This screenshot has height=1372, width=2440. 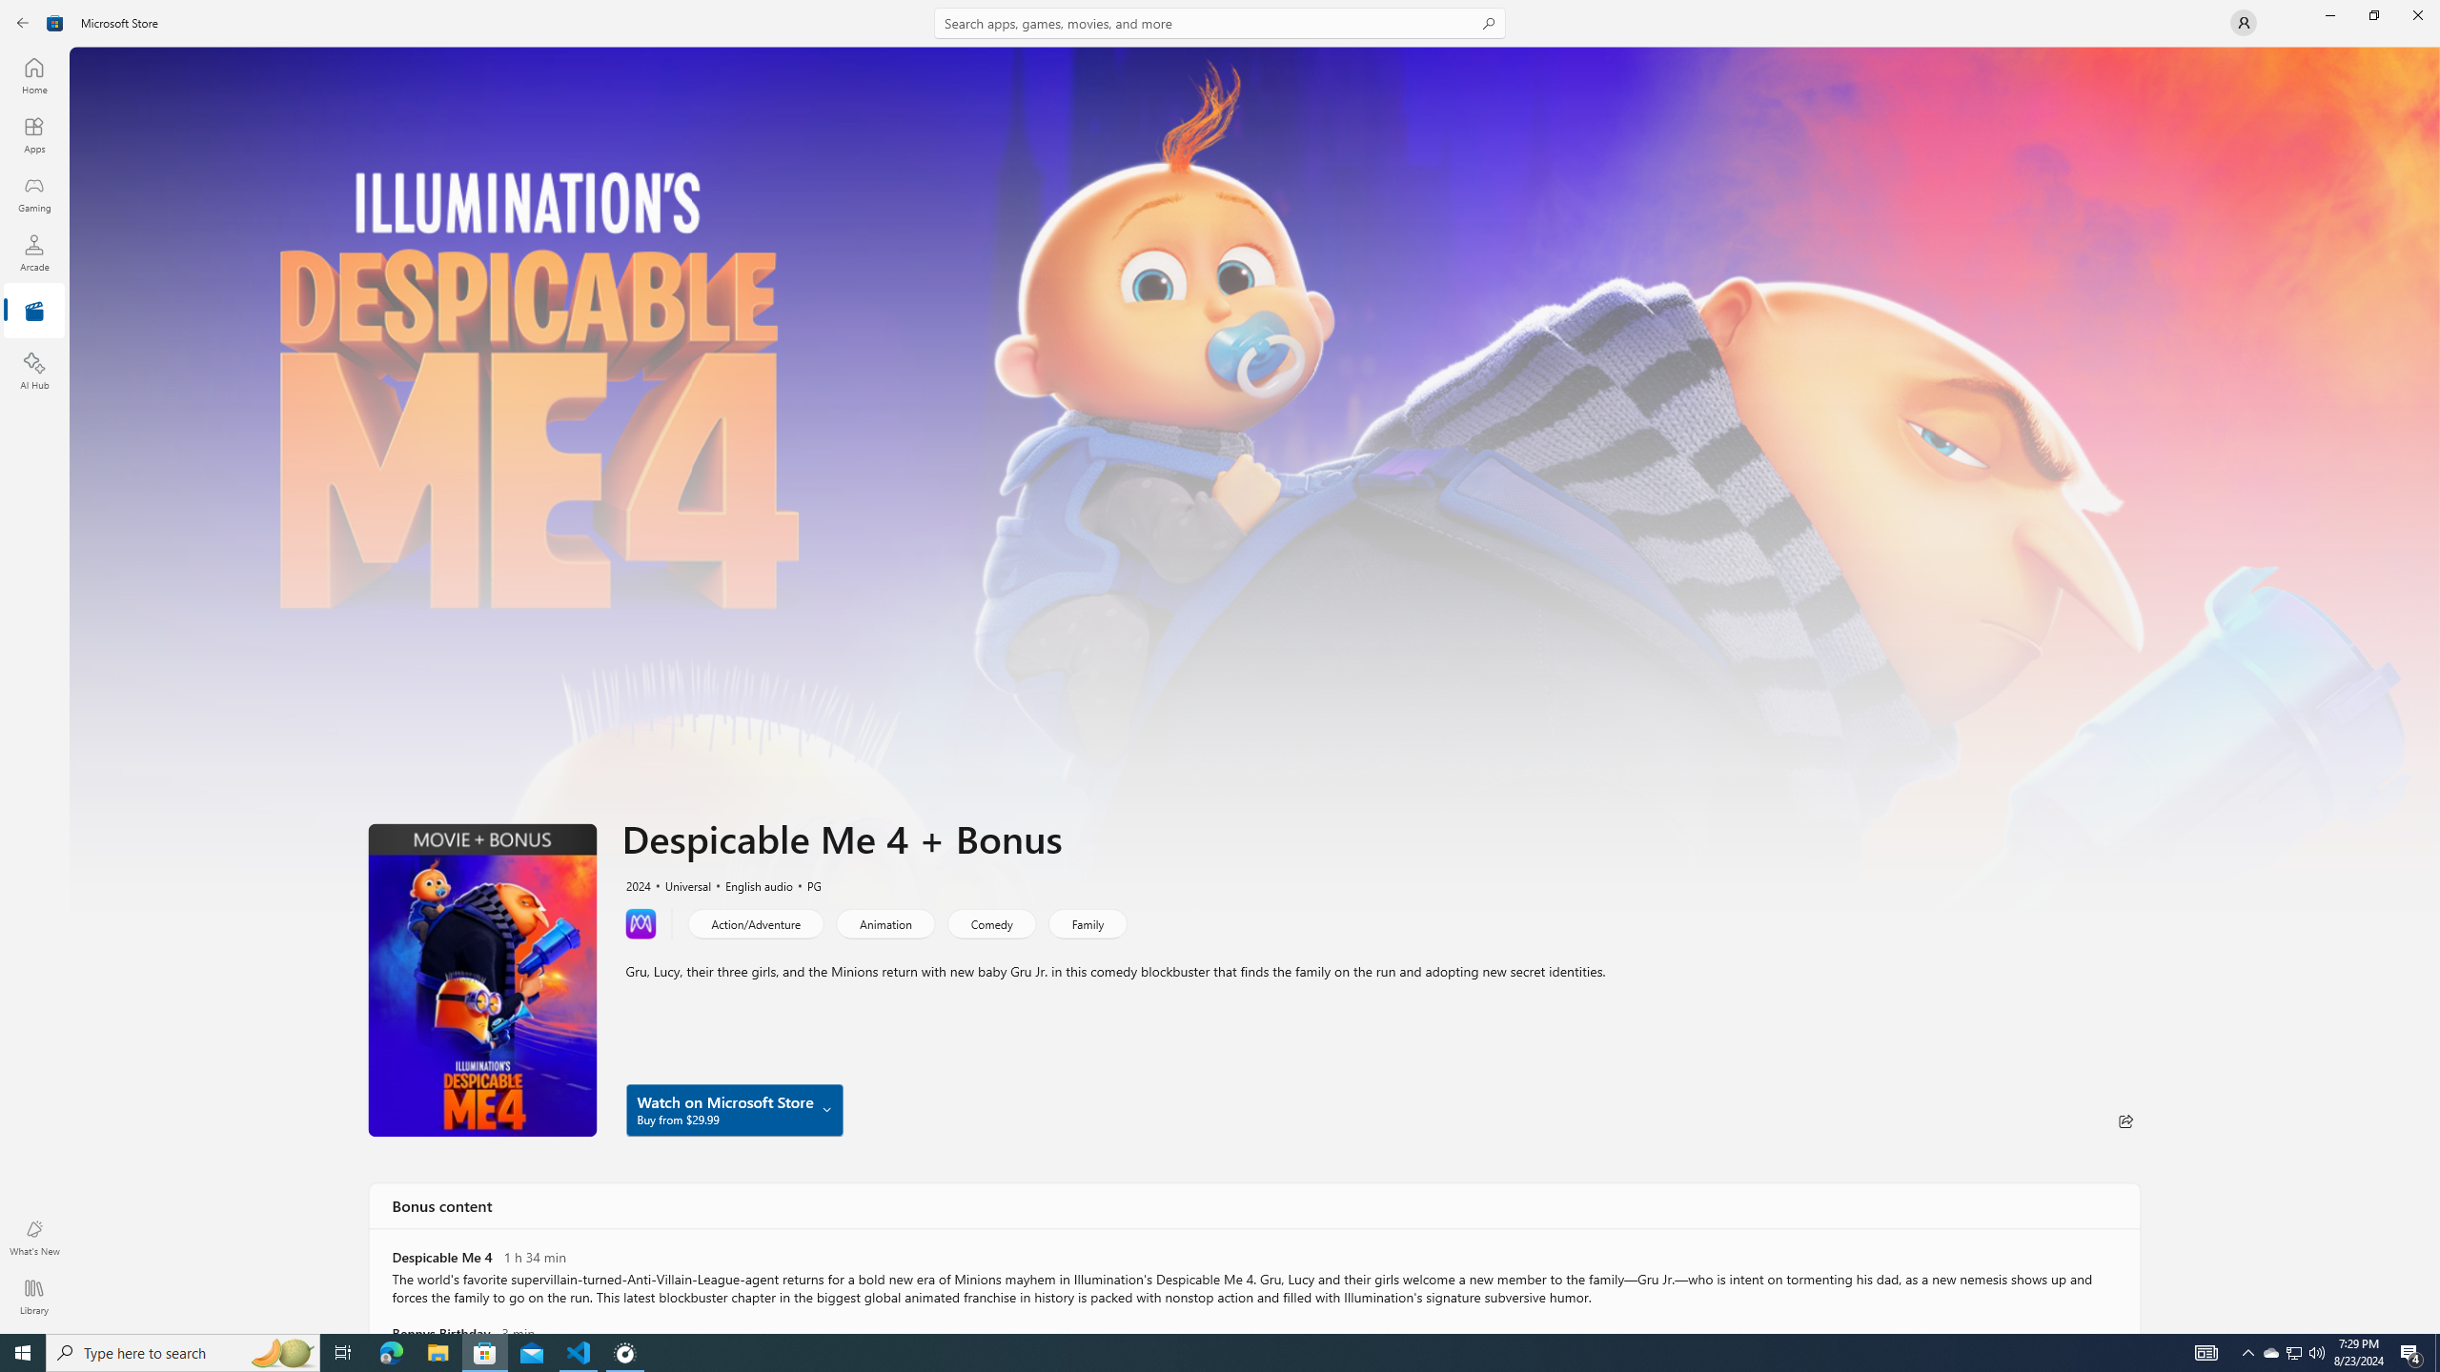 What do you see at coordinates (640, 922) in the screenshot?
I see `'Learn more about Movies Anywhere'` at bounding box center [640, 922].